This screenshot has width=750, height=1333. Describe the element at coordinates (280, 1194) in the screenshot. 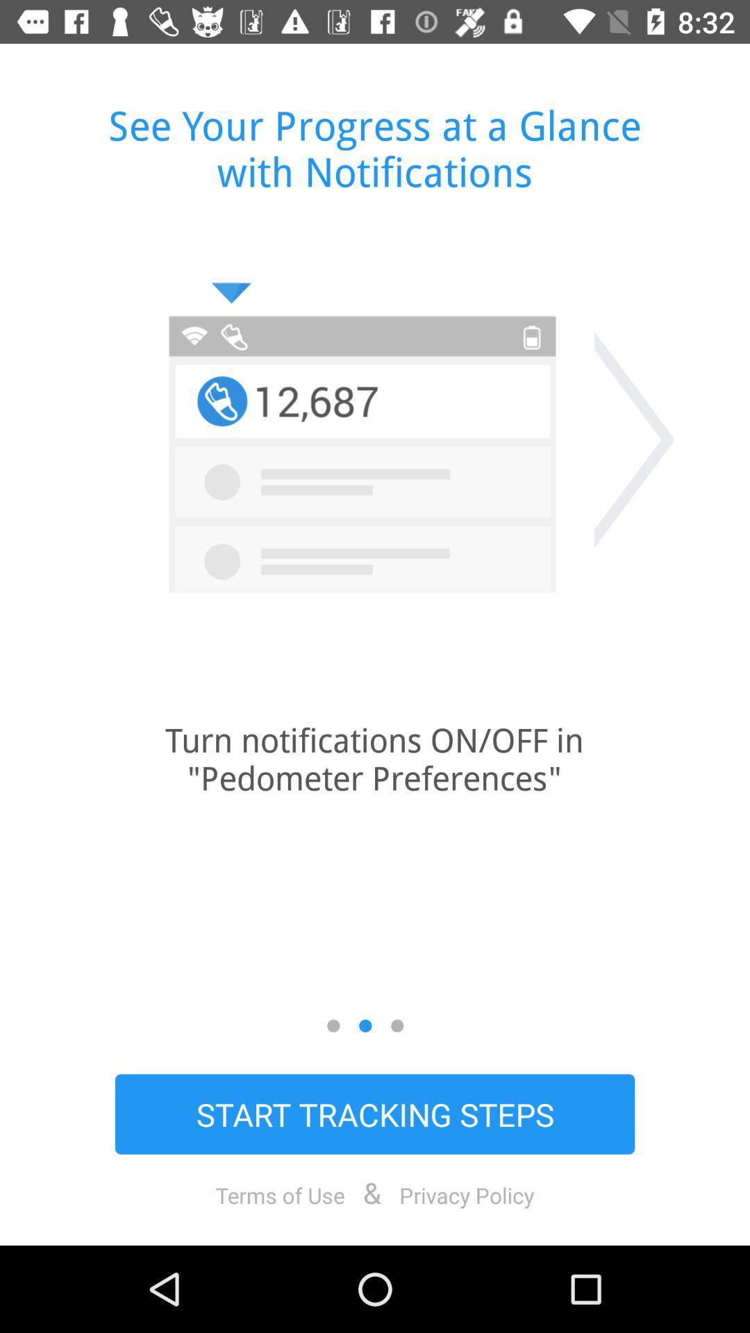

I see `the item to the left of the &` at that location.